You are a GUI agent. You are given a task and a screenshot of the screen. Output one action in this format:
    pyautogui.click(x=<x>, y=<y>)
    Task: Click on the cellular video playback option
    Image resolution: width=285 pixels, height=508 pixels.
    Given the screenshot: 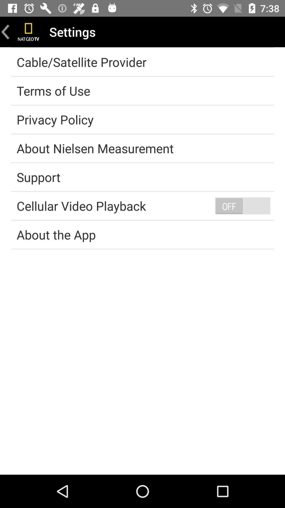 What is the action you would take?
    pyautogui.click(x=243, y=205)
    